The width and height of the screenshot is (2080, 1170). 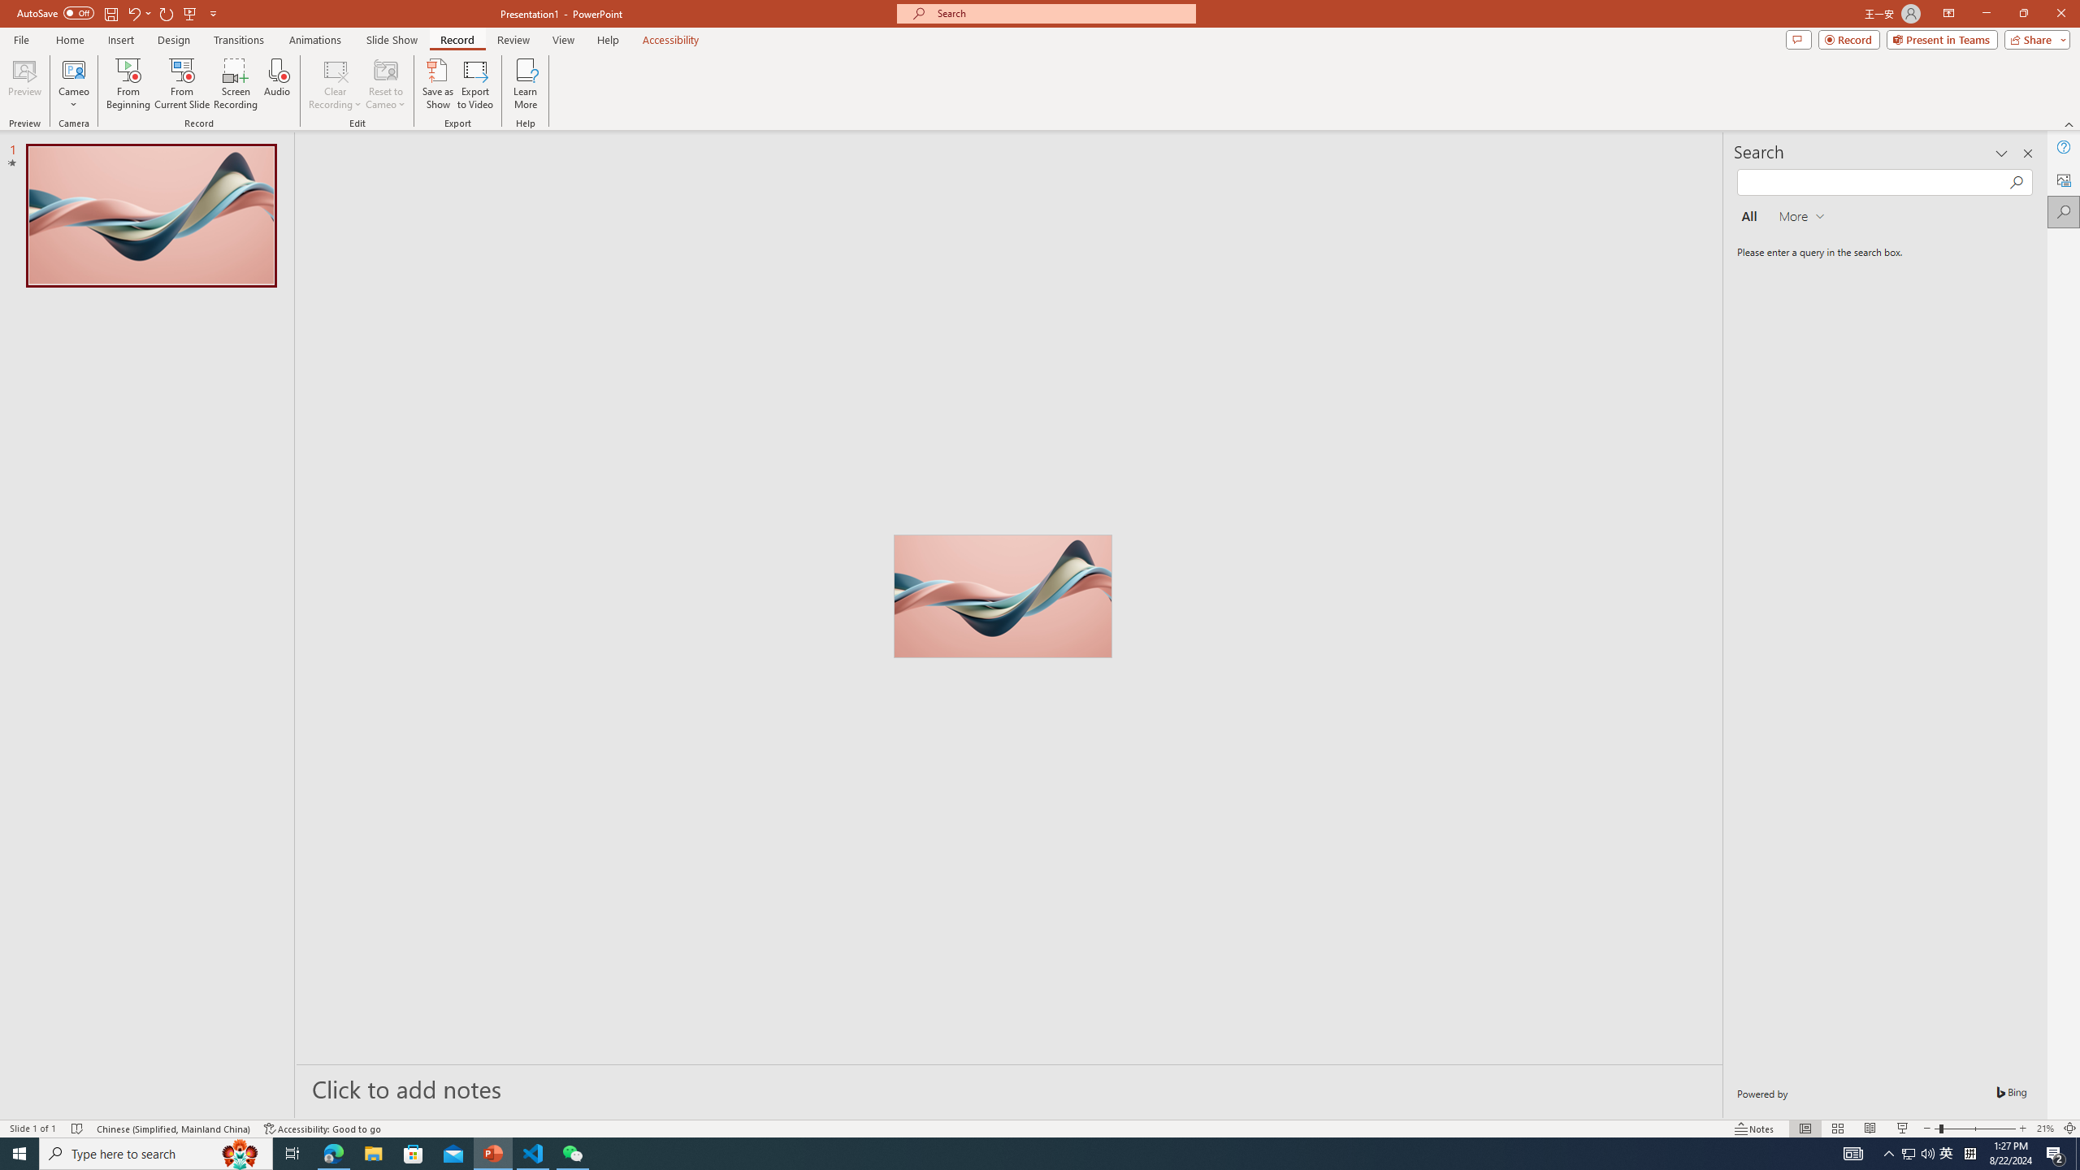 I want to click on 'Clear Recording', so click(x=335, y=84).